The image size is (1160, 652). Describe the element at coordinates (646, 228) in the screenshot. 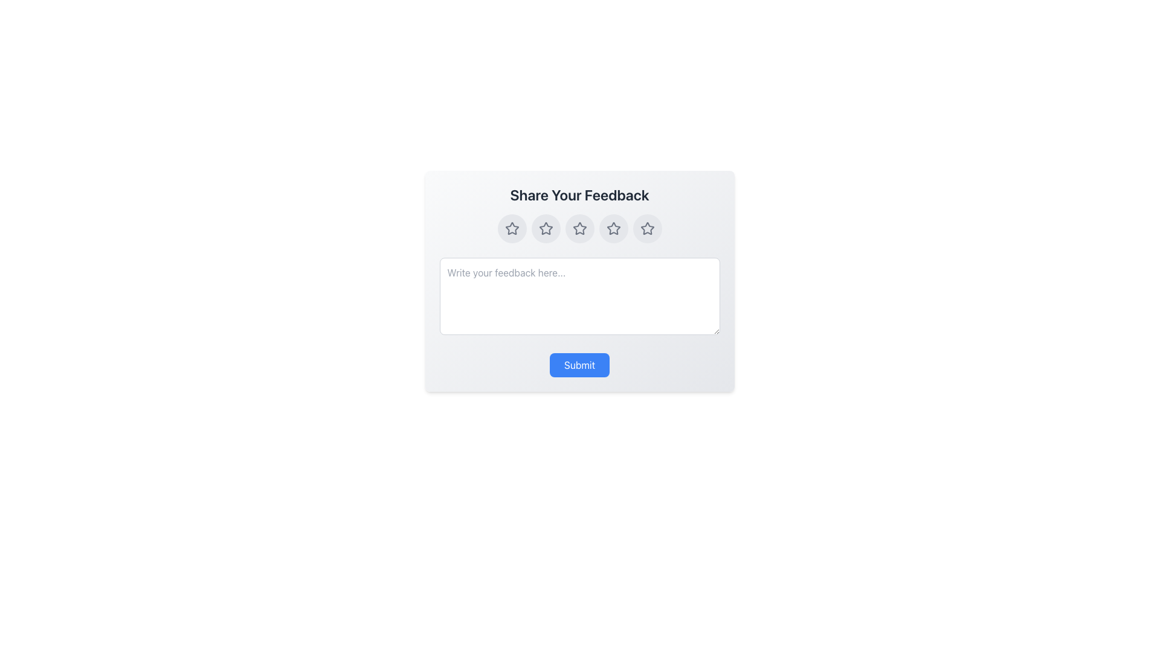

I see `the fifth star button in the rating scale` at that location.